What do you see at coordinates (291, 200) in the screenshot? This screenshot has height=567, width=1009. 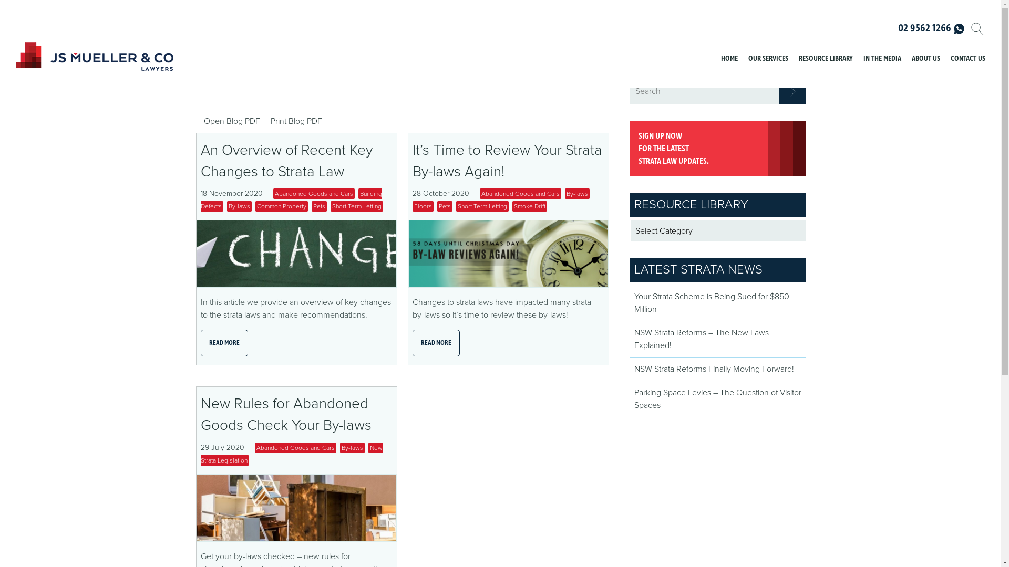 I see `'Building Defects'` at bounding box center [291, 200].